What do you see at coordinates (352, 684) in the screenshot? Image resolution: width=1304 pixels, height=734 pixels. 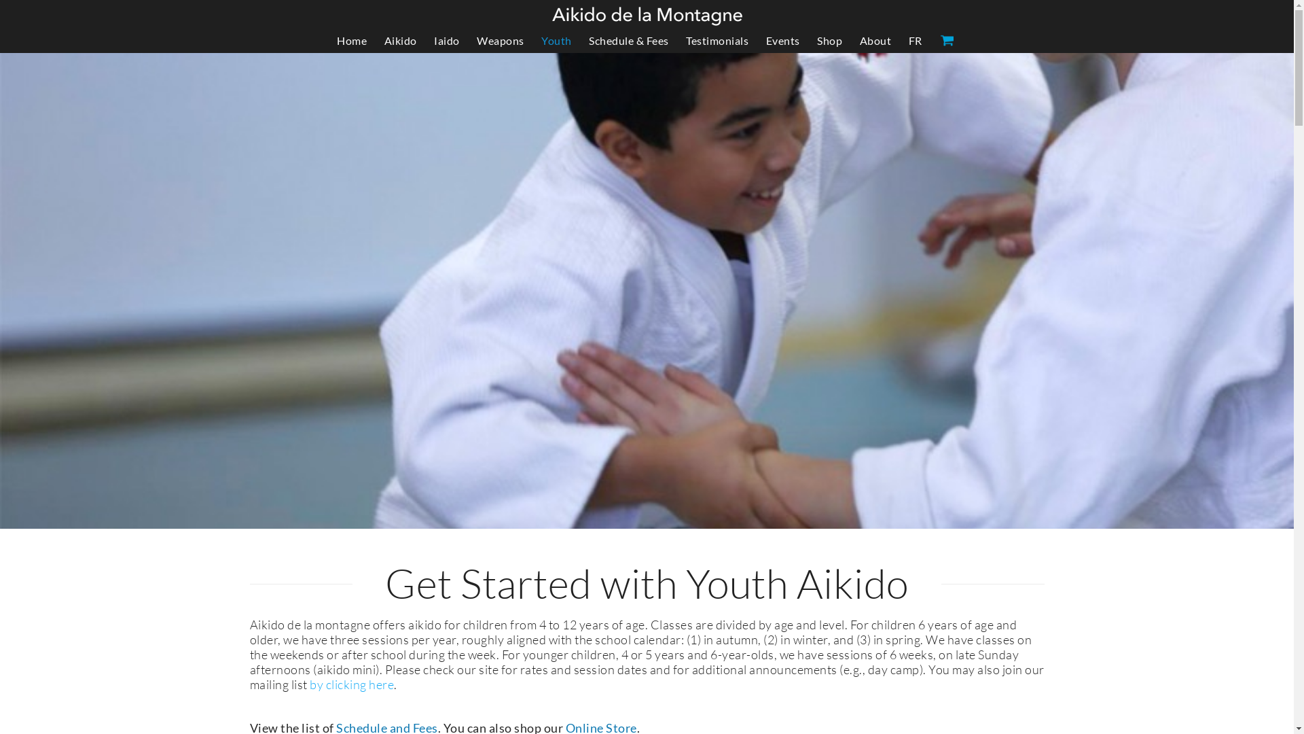 I see `'by clicking here'` at bounding box center [352, 684].